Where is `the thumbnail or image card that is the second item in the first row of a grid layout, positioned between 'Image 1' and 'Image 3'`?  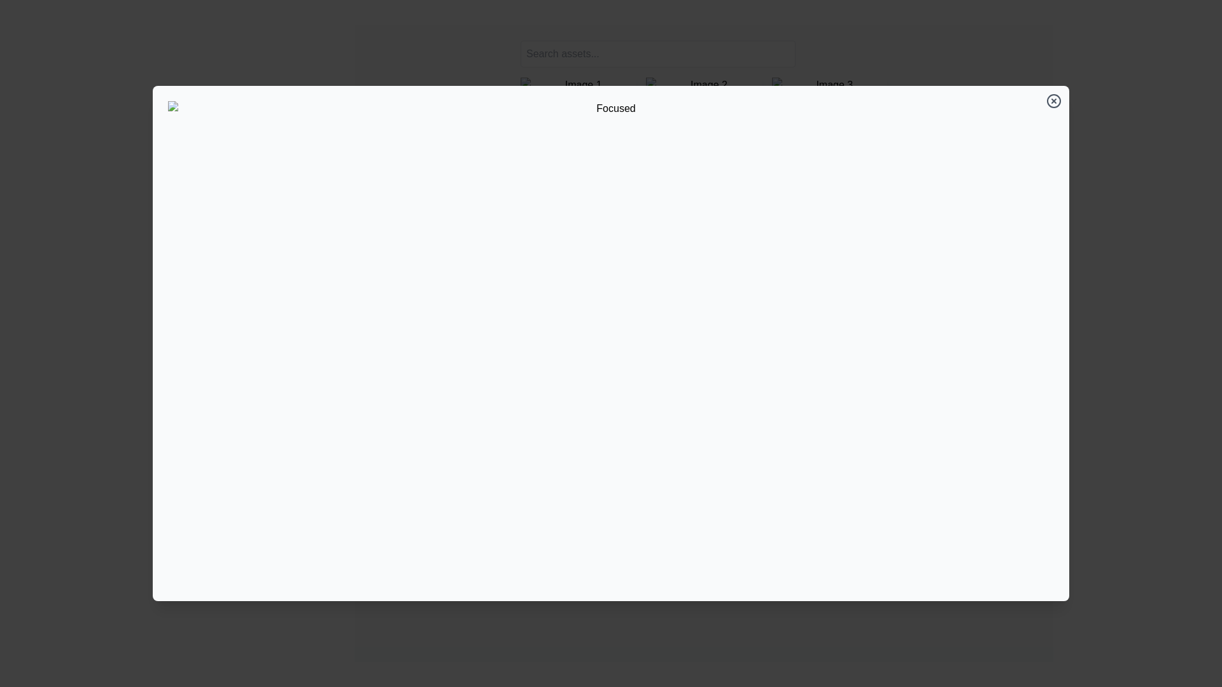 the thumbnail or image card that is the second item in the first row of a grid layout, positioned between 'Image 1' and 'Image 3' is located at coordinates (703, 85).